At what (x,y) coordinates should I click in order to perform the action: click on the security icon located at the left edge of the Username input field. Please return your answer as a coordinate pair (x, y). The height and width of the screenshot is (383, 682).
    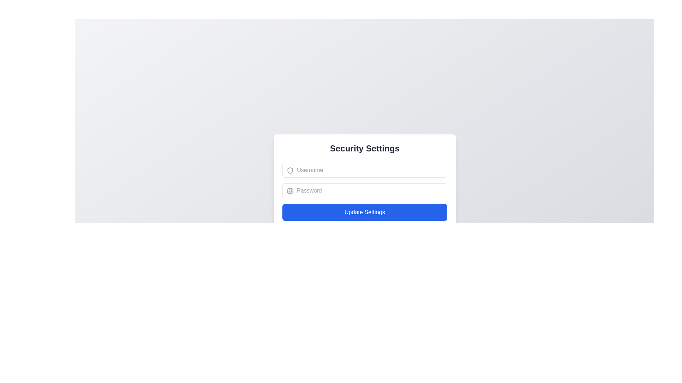
    Looking at the image, I should click on (290, 170).